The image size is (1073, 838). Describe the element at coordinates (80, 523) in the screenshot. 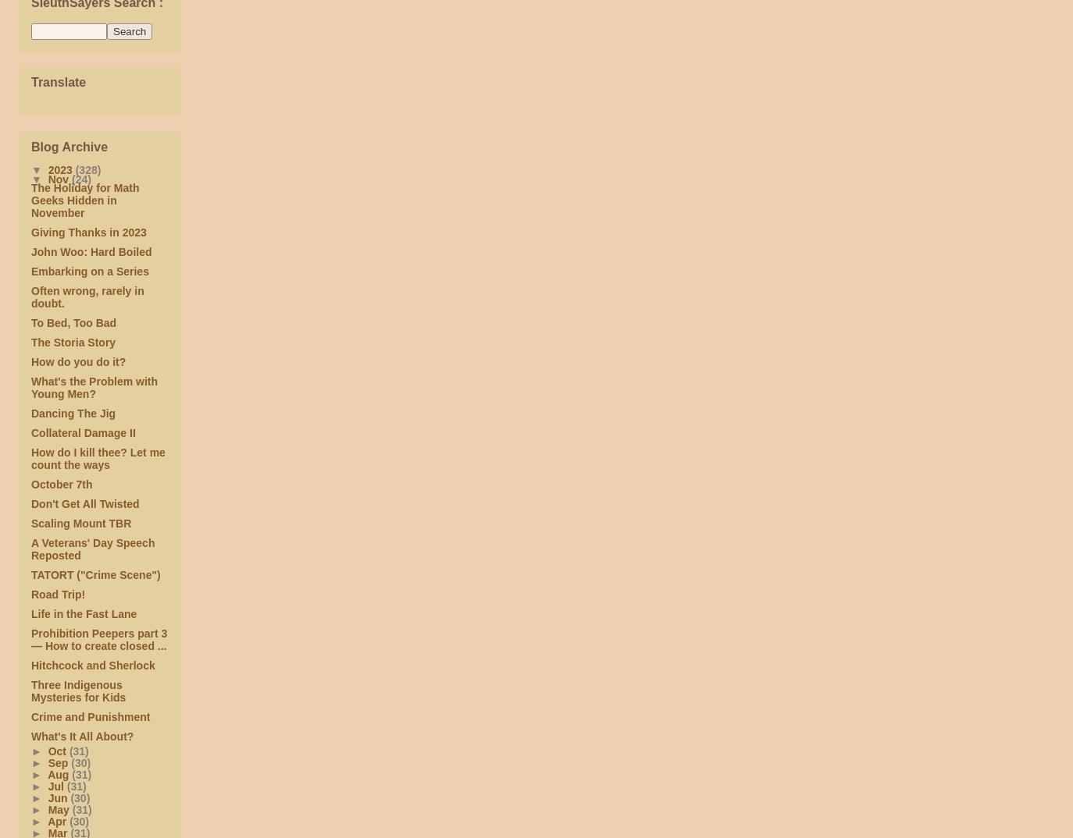

I see `'Scaling Mount TBR'` at that location.